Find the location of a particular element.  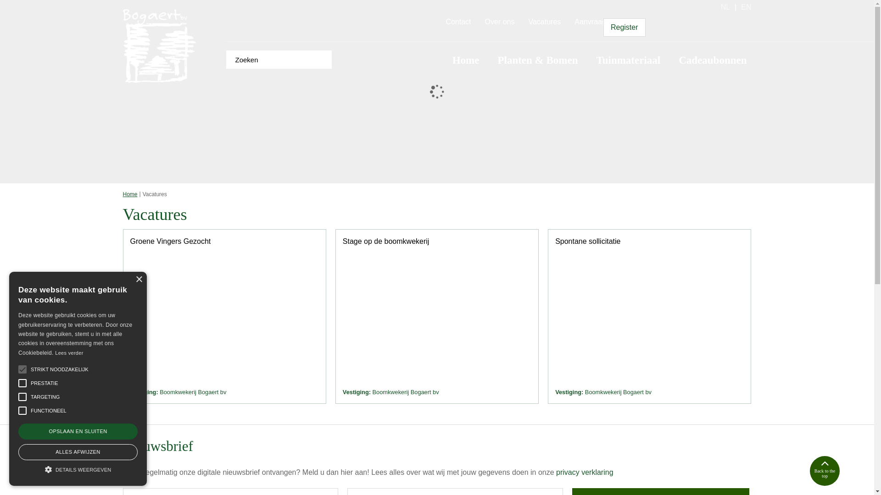

'Spontane sollicitatie is located at coordinates (649, 316).